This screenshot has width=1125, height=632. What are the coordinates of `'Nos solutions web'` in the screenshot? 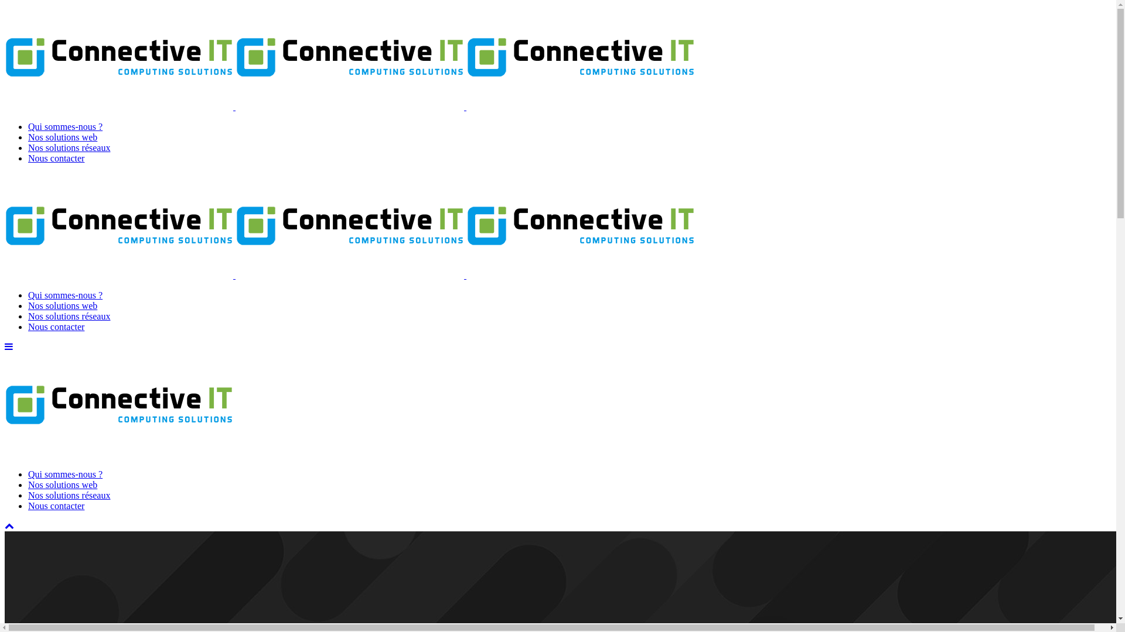 It's located at (62, 485).